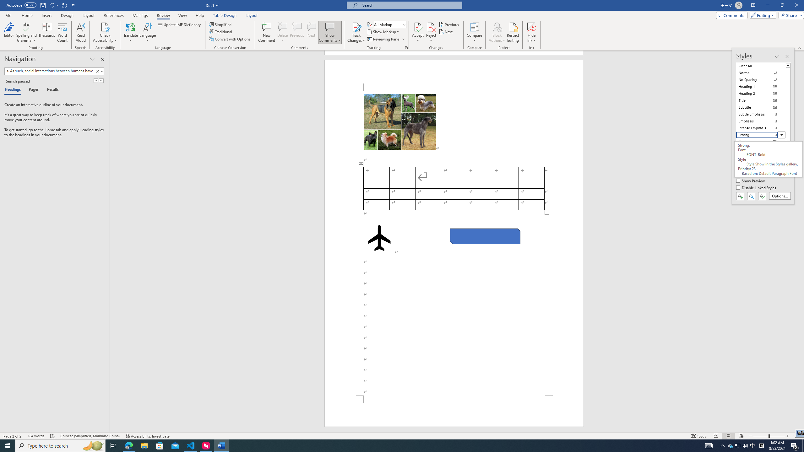 The width and height of the screenshot is (804, 452). What do you see at coordinates (35, 436) in the screenshot?
I see `'Word Count 184 words'` at bounding box center [35, 436].